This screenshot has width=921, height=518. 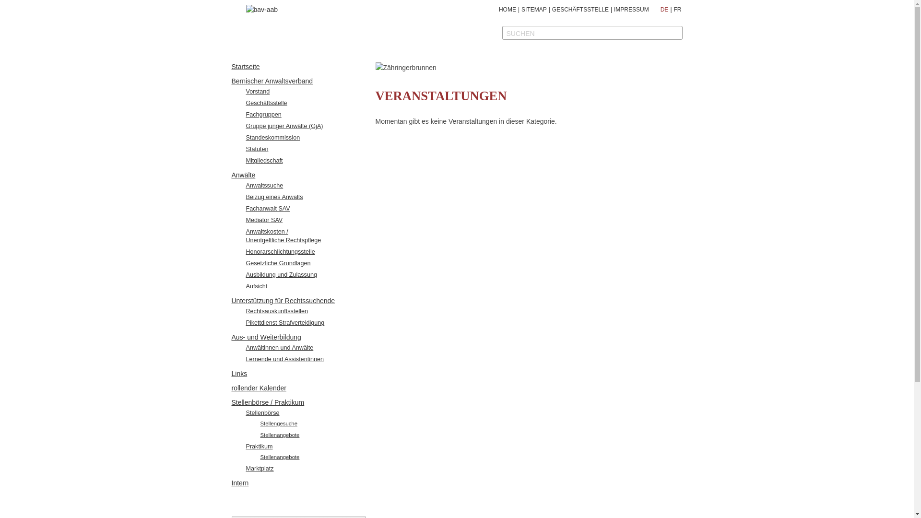 What do you see at coordinates (277, 263) in the screenshot?
I see `'Gesetzliche Grundlagen'` at bounding box center [277, 263].